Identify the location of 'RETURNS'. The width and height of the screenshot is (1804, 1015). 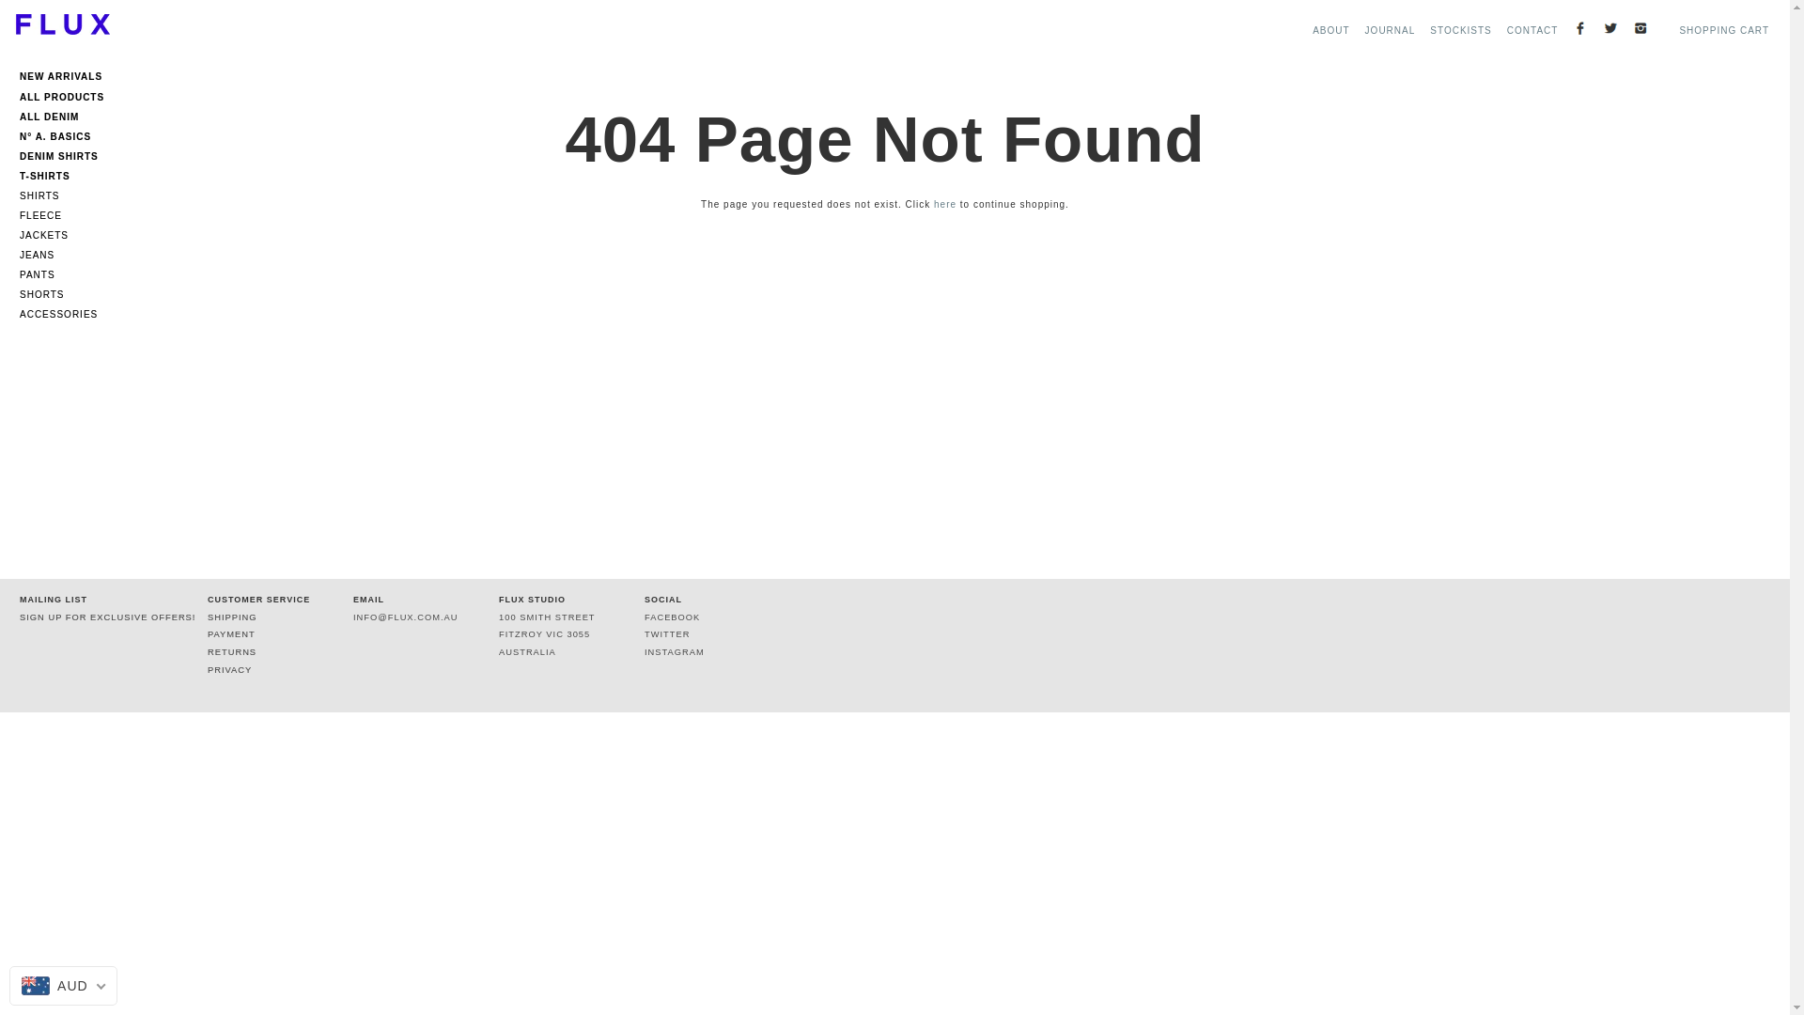
(230, 651).